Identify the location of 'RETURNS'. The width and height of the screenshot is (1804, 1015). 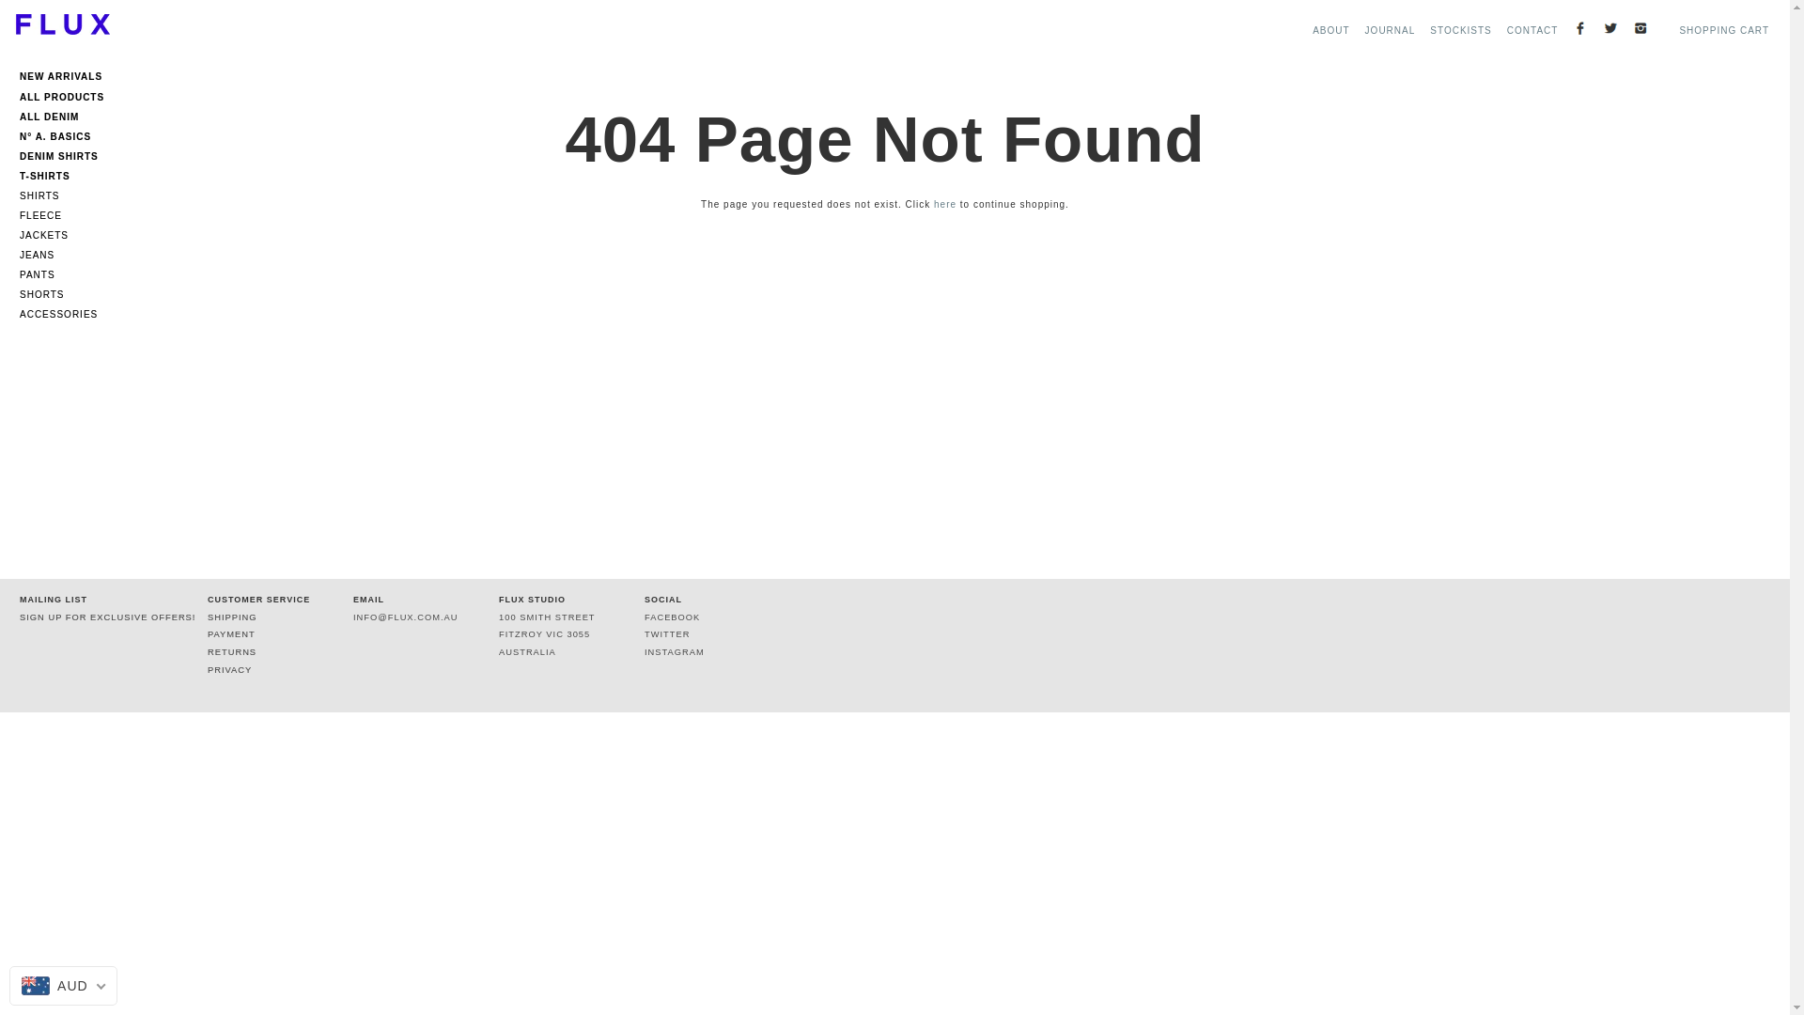
(230, 651).